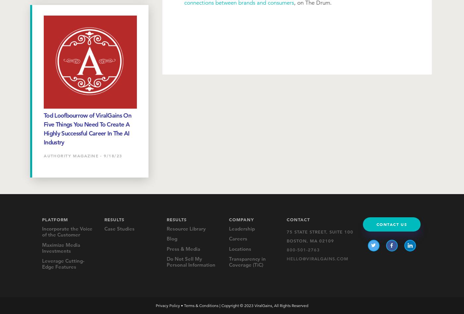 This screenshot has width=464, height=314. Describe the element at coordinates (55, 219) in the screenshot. I see `'Platform'` at that location.